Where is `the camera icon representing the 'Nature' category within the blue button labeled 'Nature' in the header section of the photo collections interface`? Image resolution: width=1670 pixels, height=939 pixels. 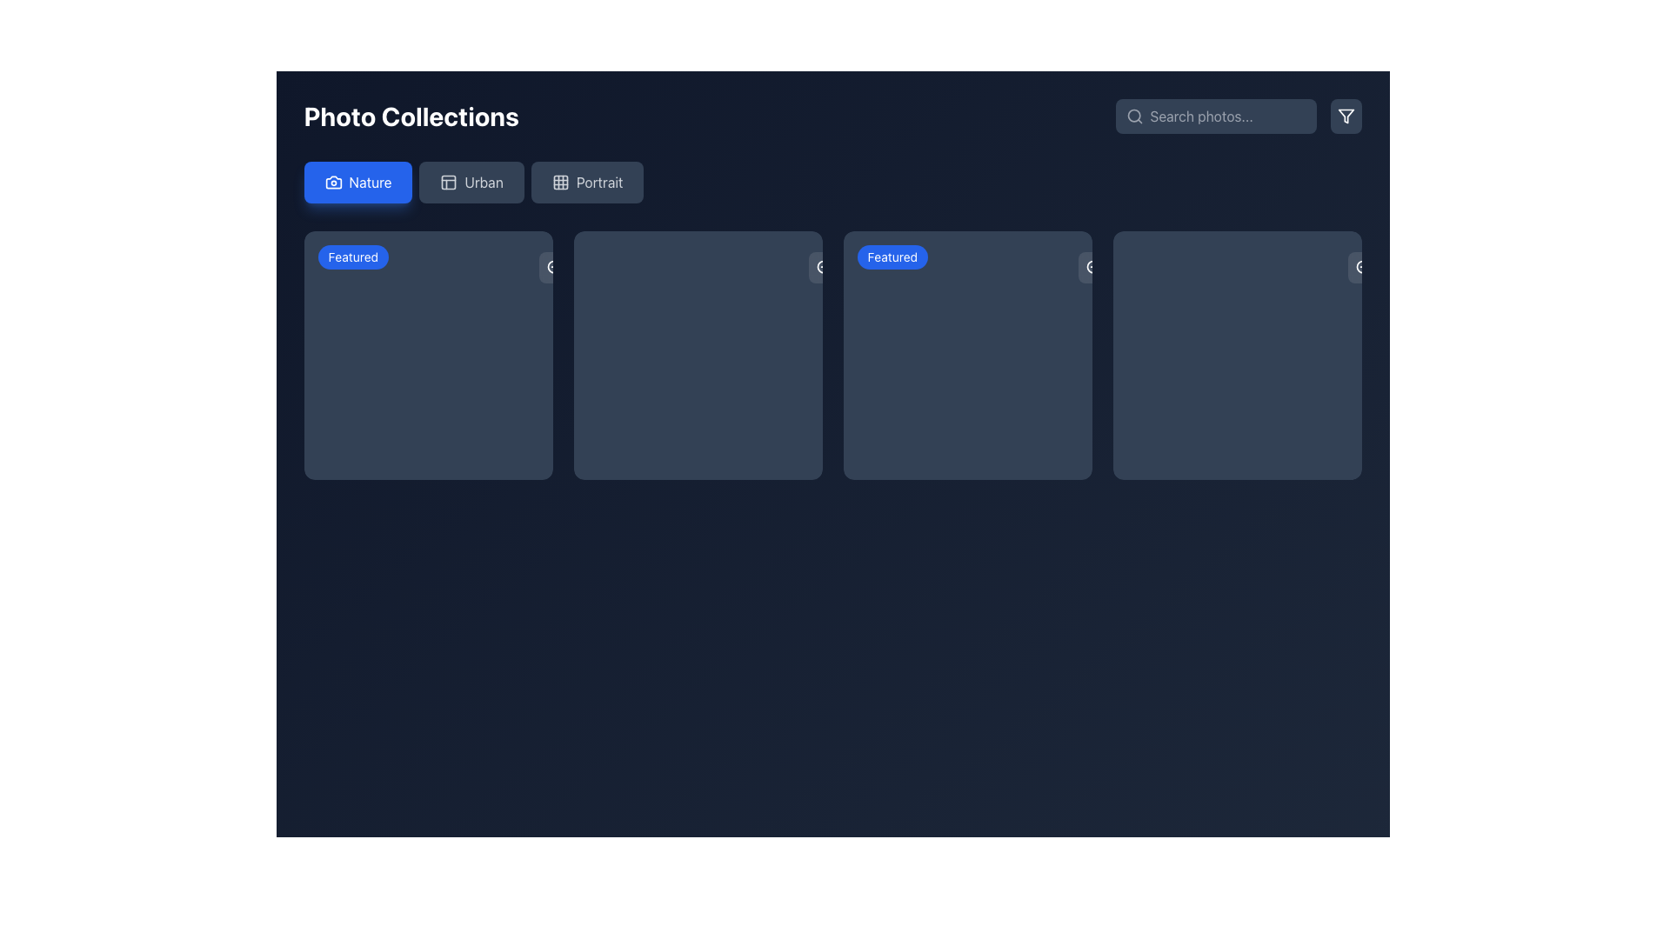
the camera icon representing the 'Nature' category within the blue button labeled 'Nature' in the header section of the photo collections interface is located at coordinates (333, 182).